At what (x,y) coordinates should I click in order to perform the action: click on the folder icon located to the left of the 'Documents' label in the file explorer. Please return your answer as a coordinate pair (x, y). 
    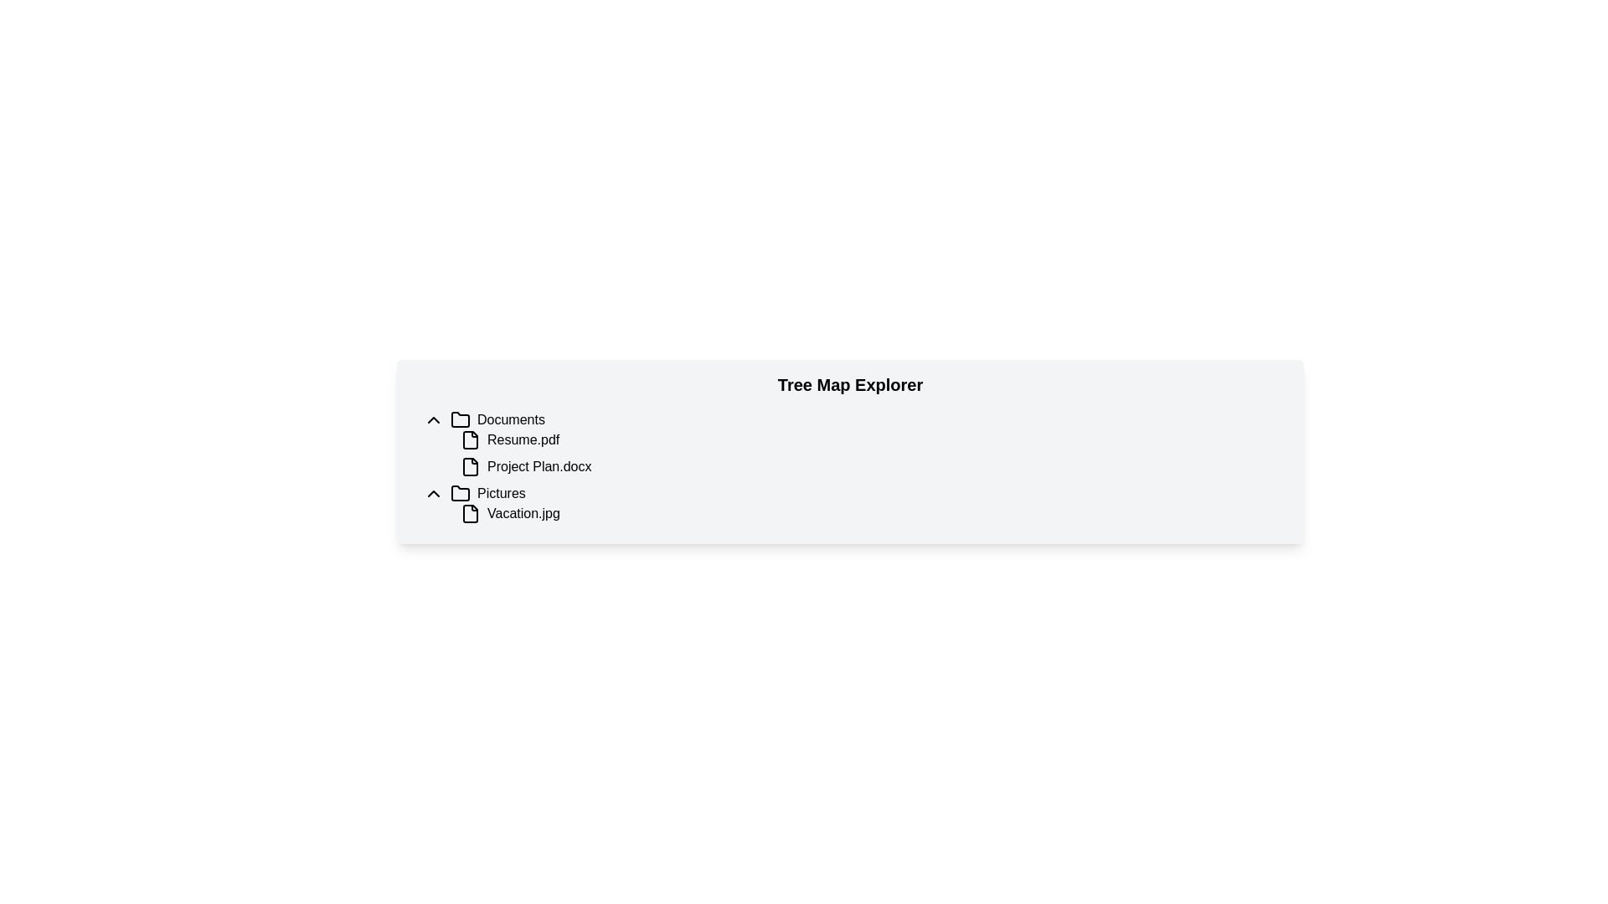
    Looking at the image, I should click on (461, 419).